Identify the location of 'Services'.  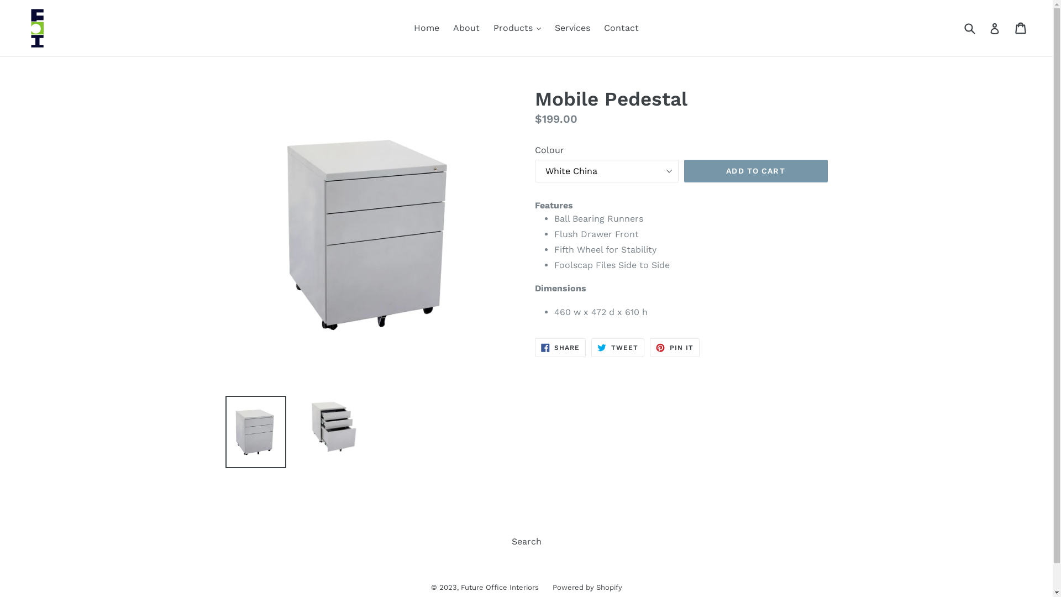
(572, 27).